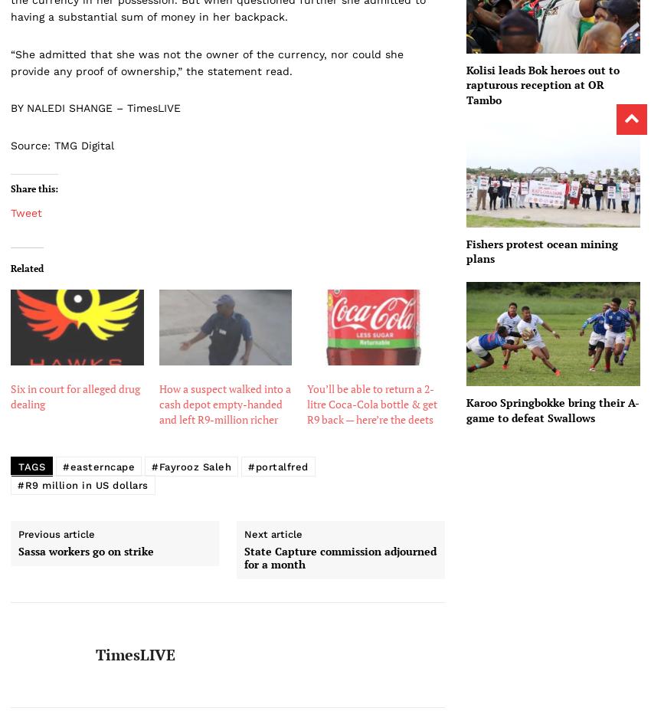  I want to click on 'Karoo Springbokke bring their A-game to defeat Swallows', so click(551, 408).